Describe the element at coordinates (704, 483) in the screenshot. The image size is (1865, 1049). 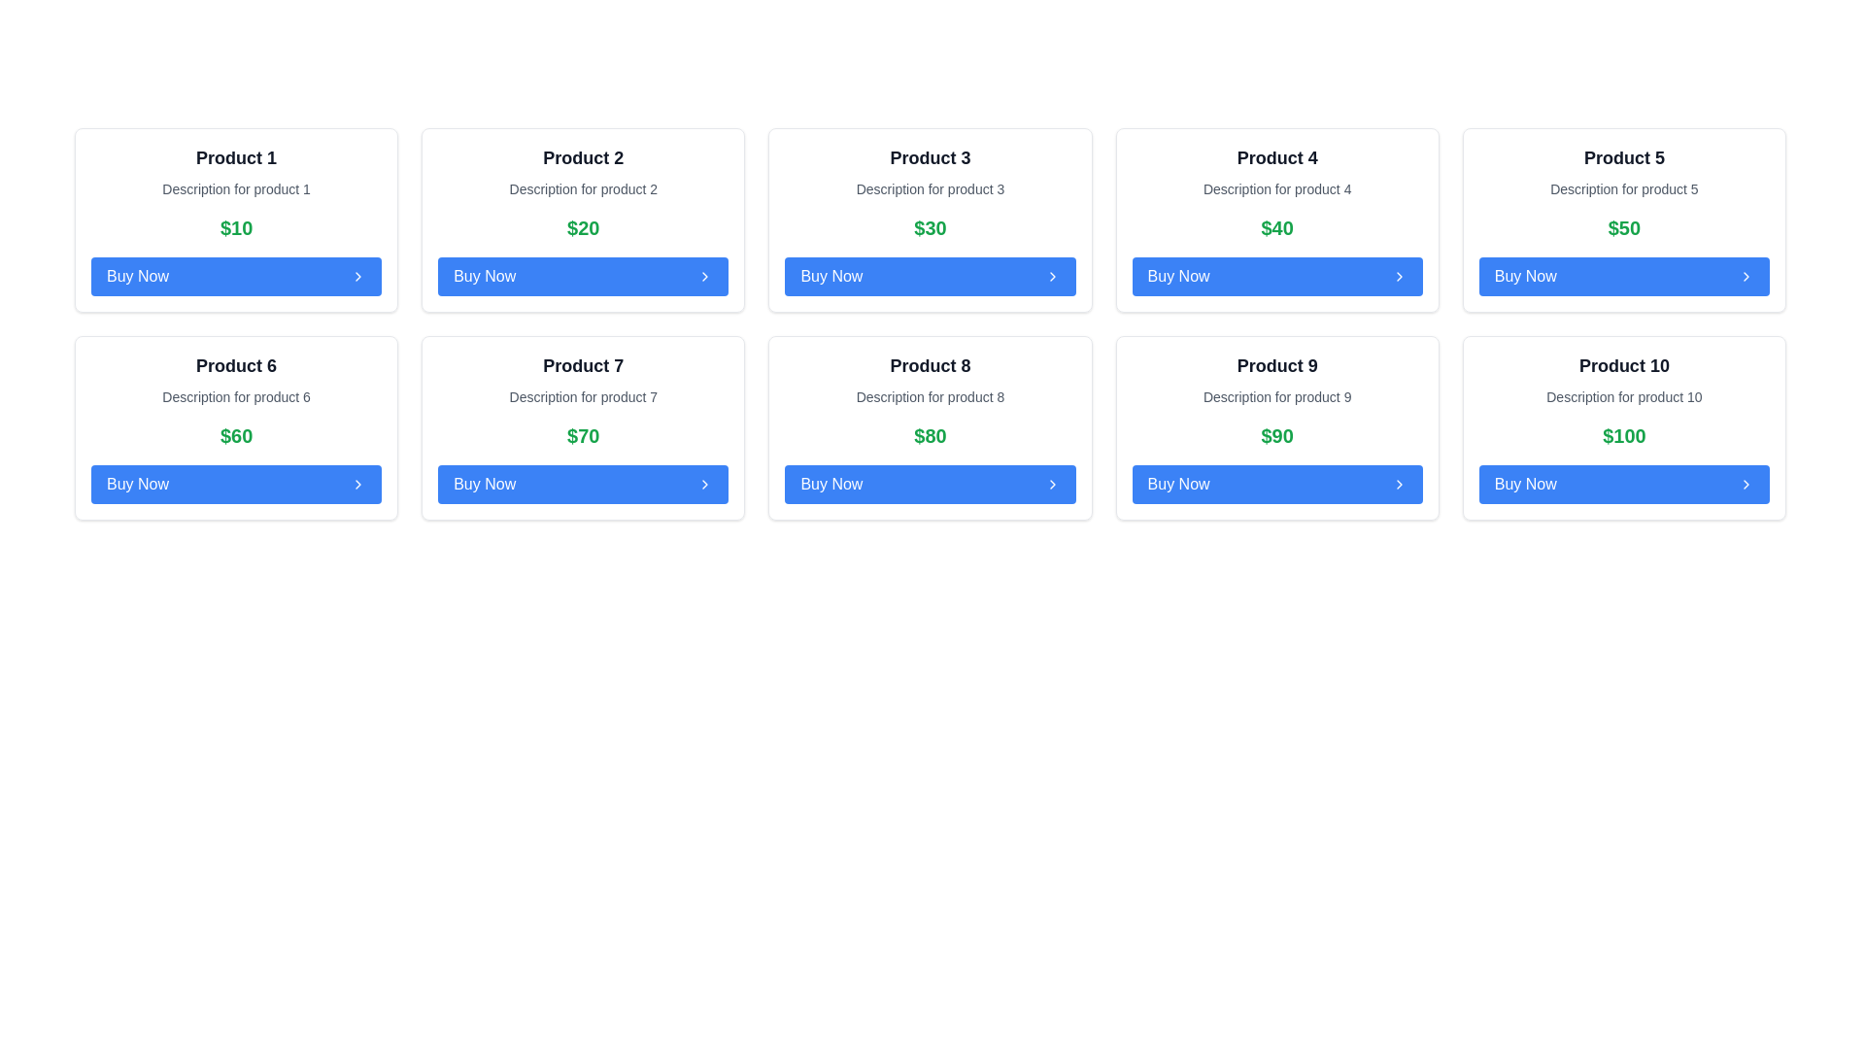
I see `the right-pointing chevron icon located within the 'Buy Now' button for 'Product 7' at the bottom-right segment of the button` at that location.